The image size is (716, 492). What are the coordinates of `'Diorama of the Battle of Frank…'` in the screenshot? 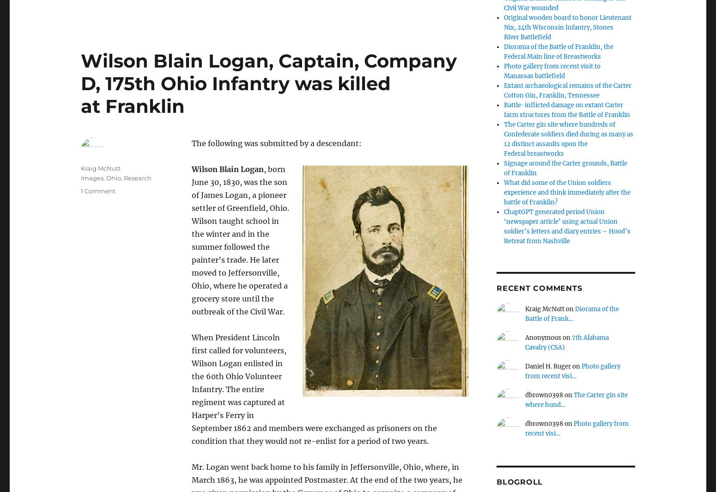 It's located at (572, 313).